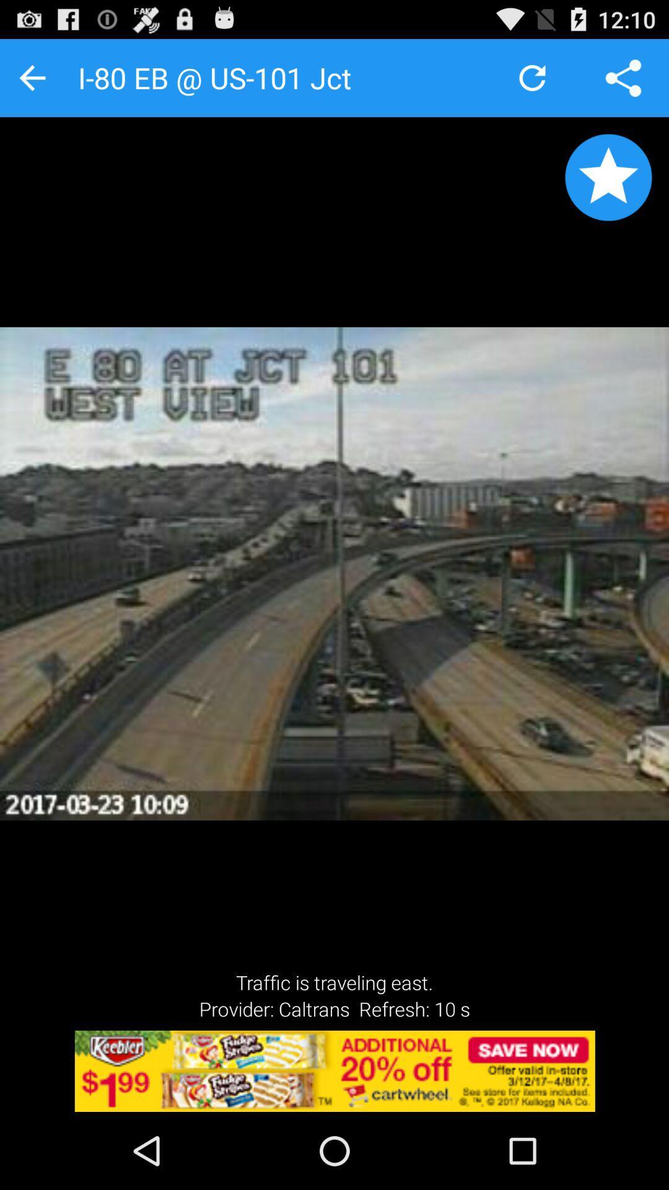  Describe the element at coordinates (608, 177) in the screenshot. I see `favourite option` at that location.